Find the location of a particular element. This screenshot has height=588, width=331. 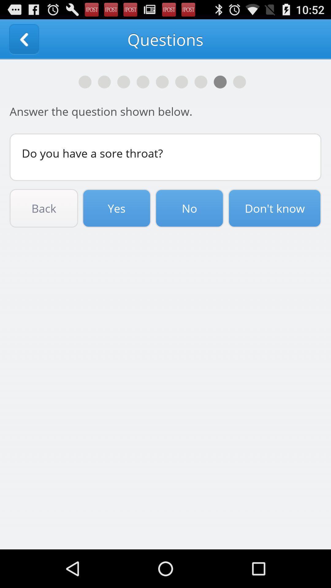

back button is located at coordinates (24, 39).